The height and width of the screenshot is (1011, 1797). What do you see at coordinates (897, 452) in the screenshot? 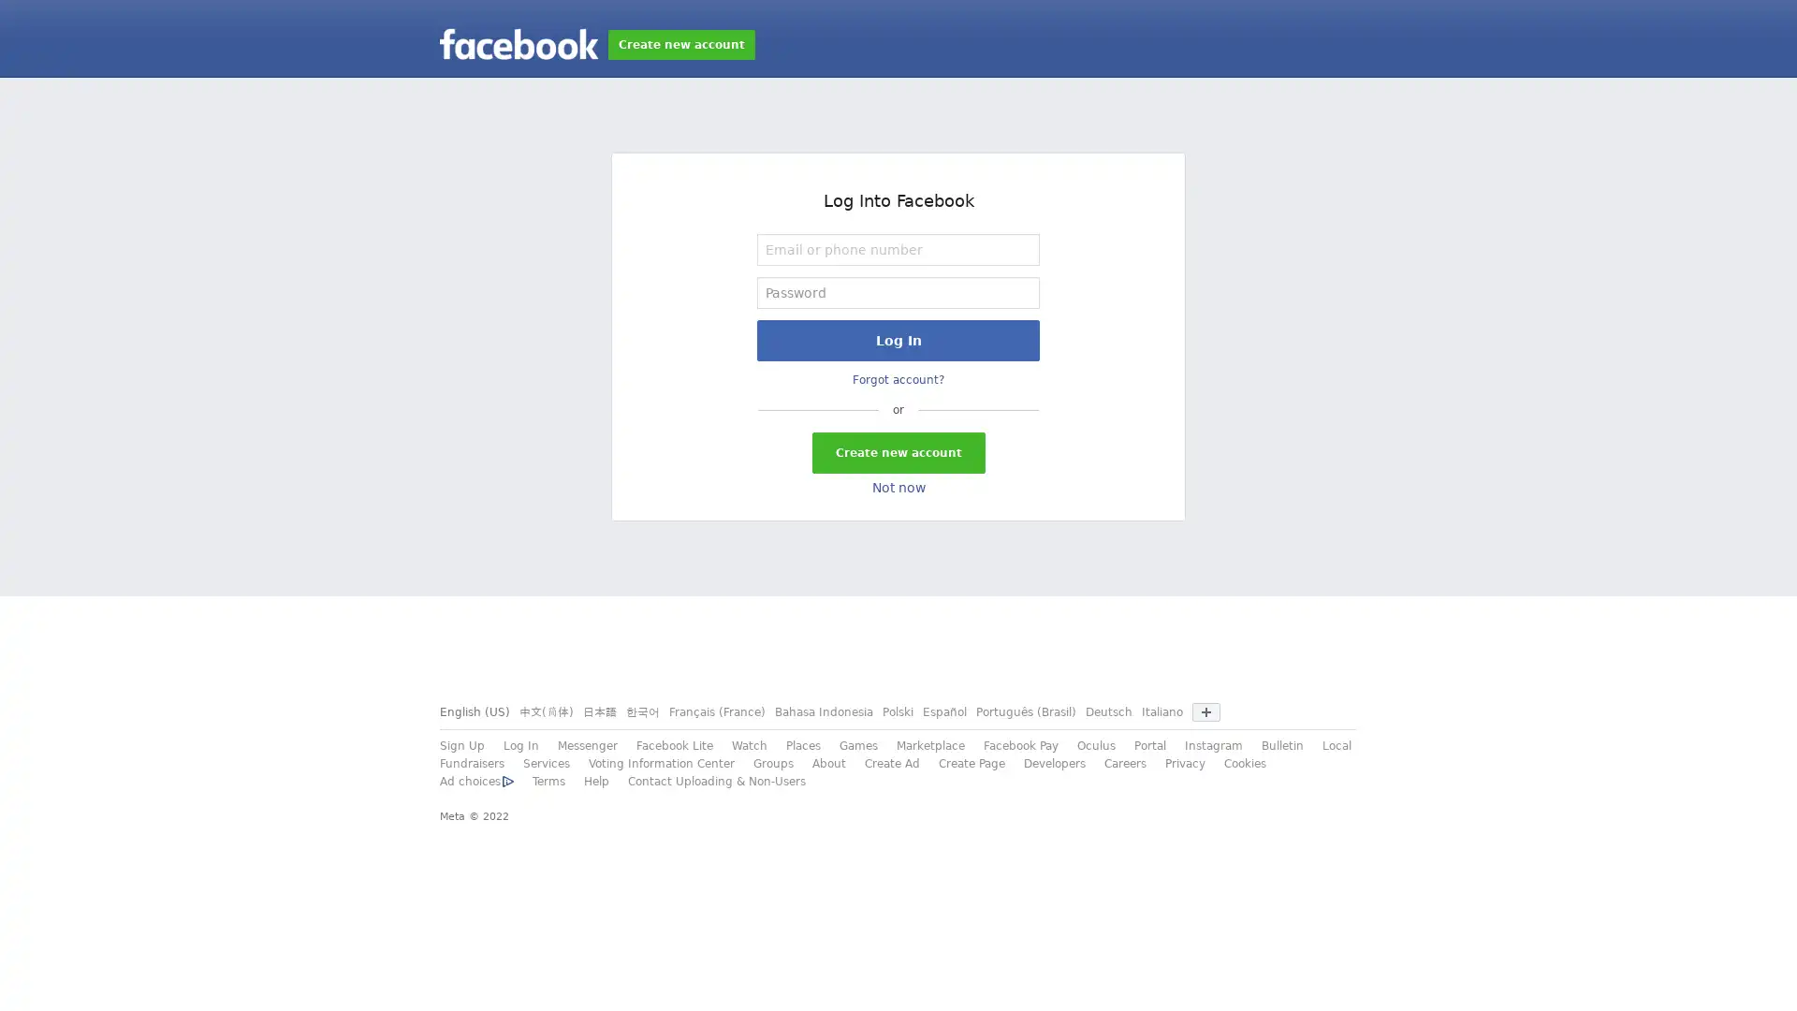
I see `Create new account` at bounding box center [897, 452].